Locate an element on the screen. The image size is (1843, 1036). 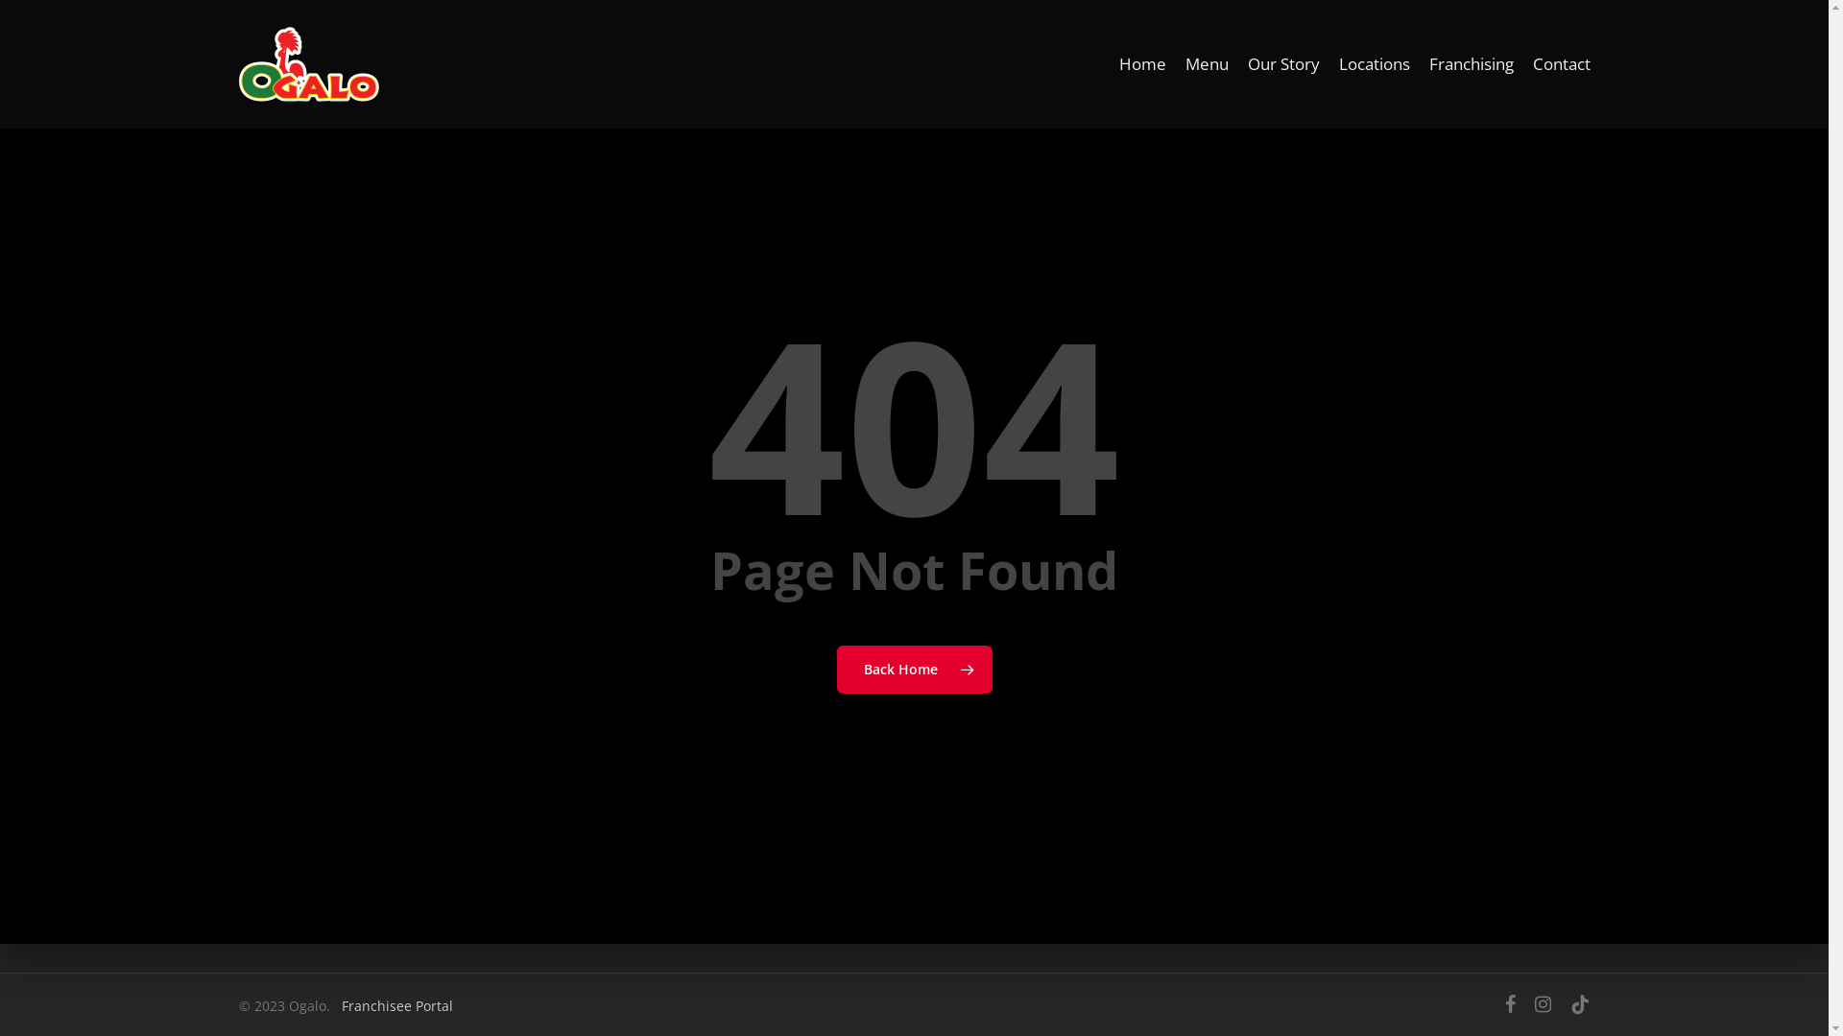
'instagram' is located at coordinates (1543, 1002).